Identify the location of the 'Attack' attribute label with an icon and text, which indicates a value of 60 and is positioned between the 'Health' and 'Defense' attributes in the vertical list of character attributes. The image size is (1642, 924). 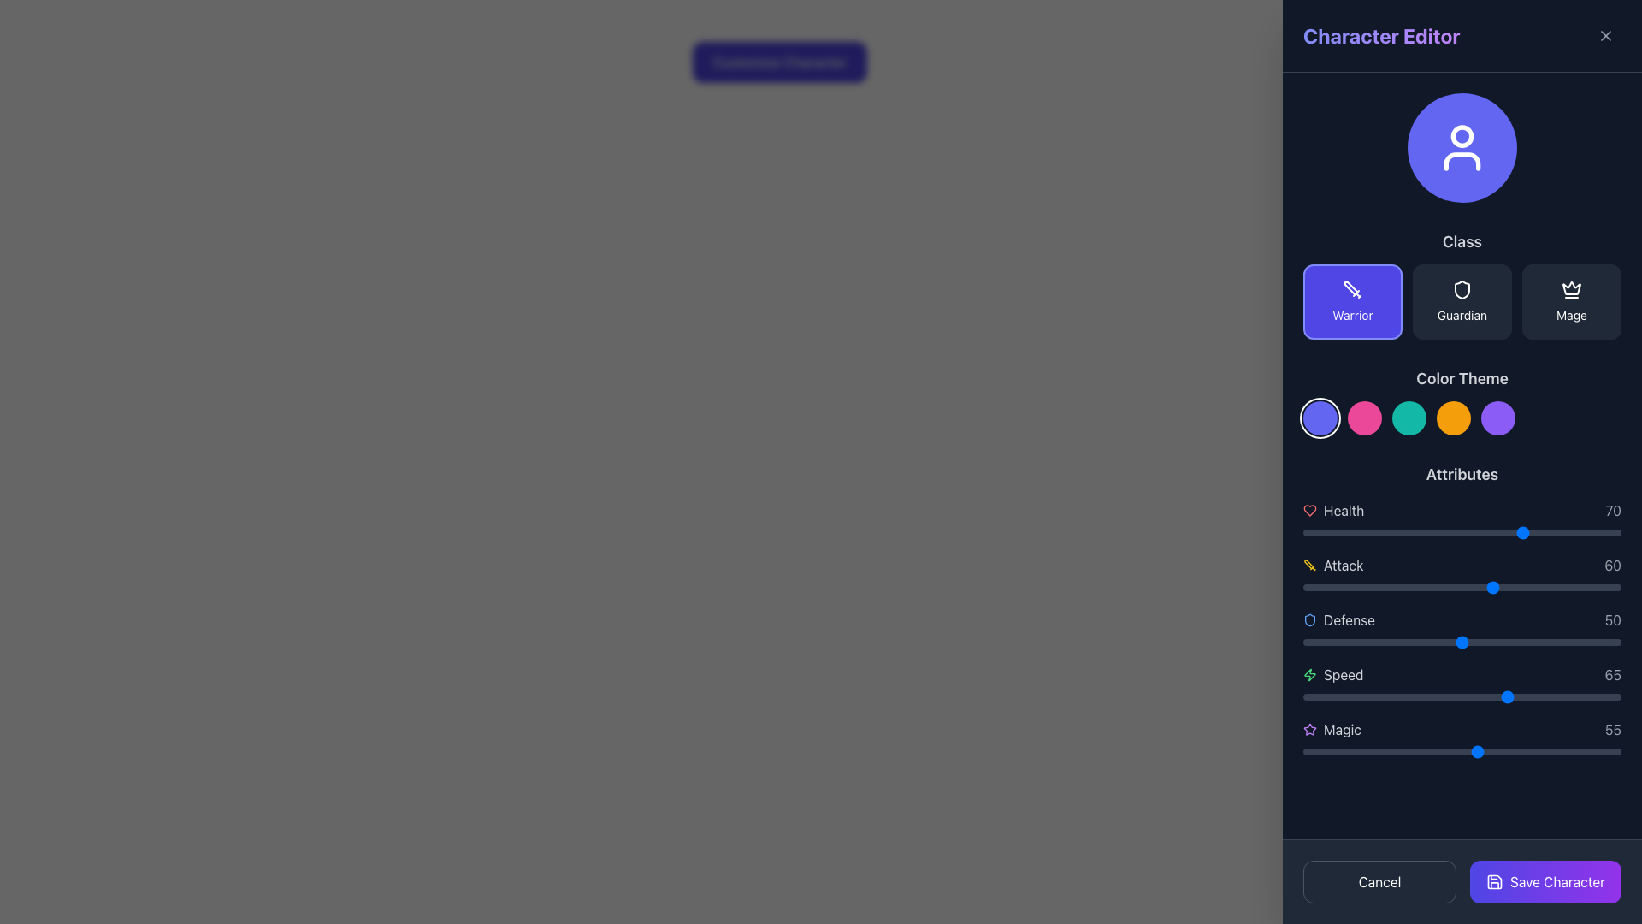
(1332, 565).